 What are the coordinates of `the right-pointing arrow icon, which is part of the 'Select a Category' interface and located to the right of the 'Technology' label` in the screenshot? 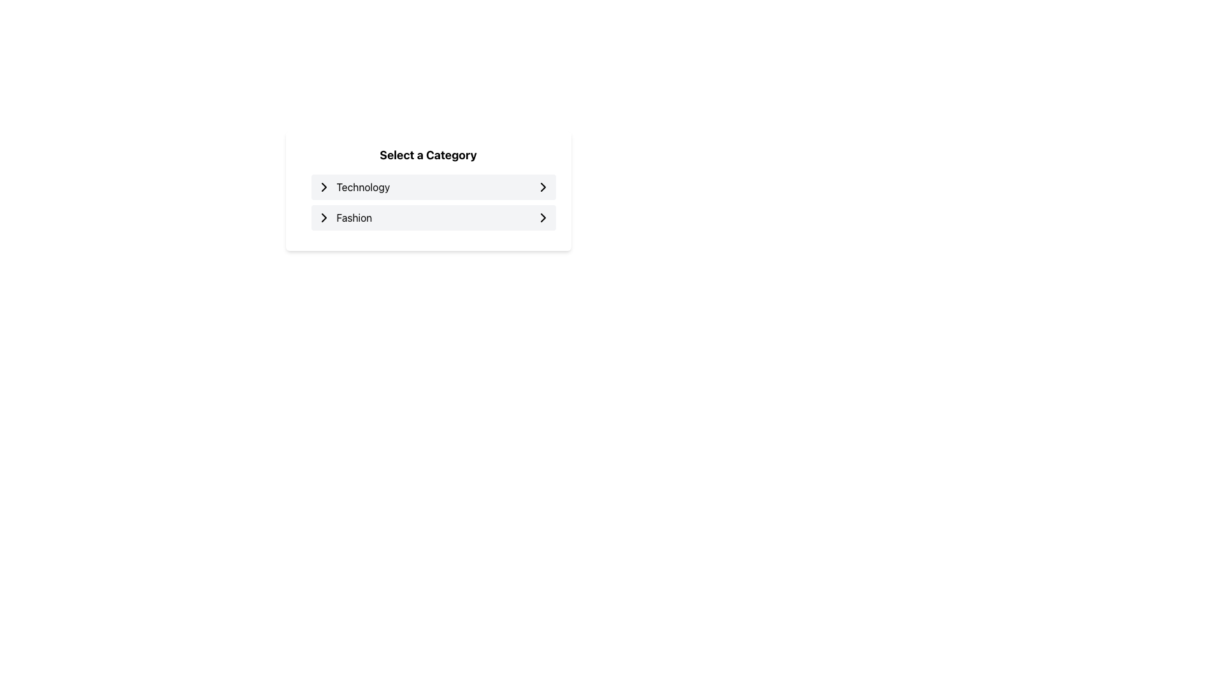 It's located at (543, 187).